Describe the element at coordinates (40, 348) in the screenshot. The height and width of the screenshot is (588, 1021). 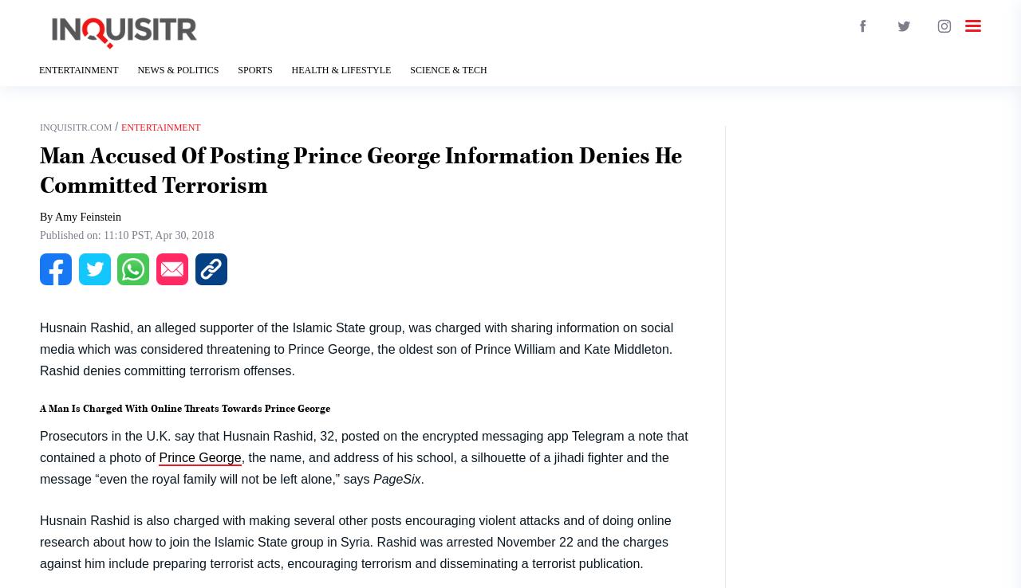
I see `'Husnain Rashid, an alleged supporter of the Islamic State group, was charged with sharing information on social media which was considered threatening to Prince George, the oldest son of Prince William and Kate Middleton. Rashid denies committing terrorism offenses.'` at that location.